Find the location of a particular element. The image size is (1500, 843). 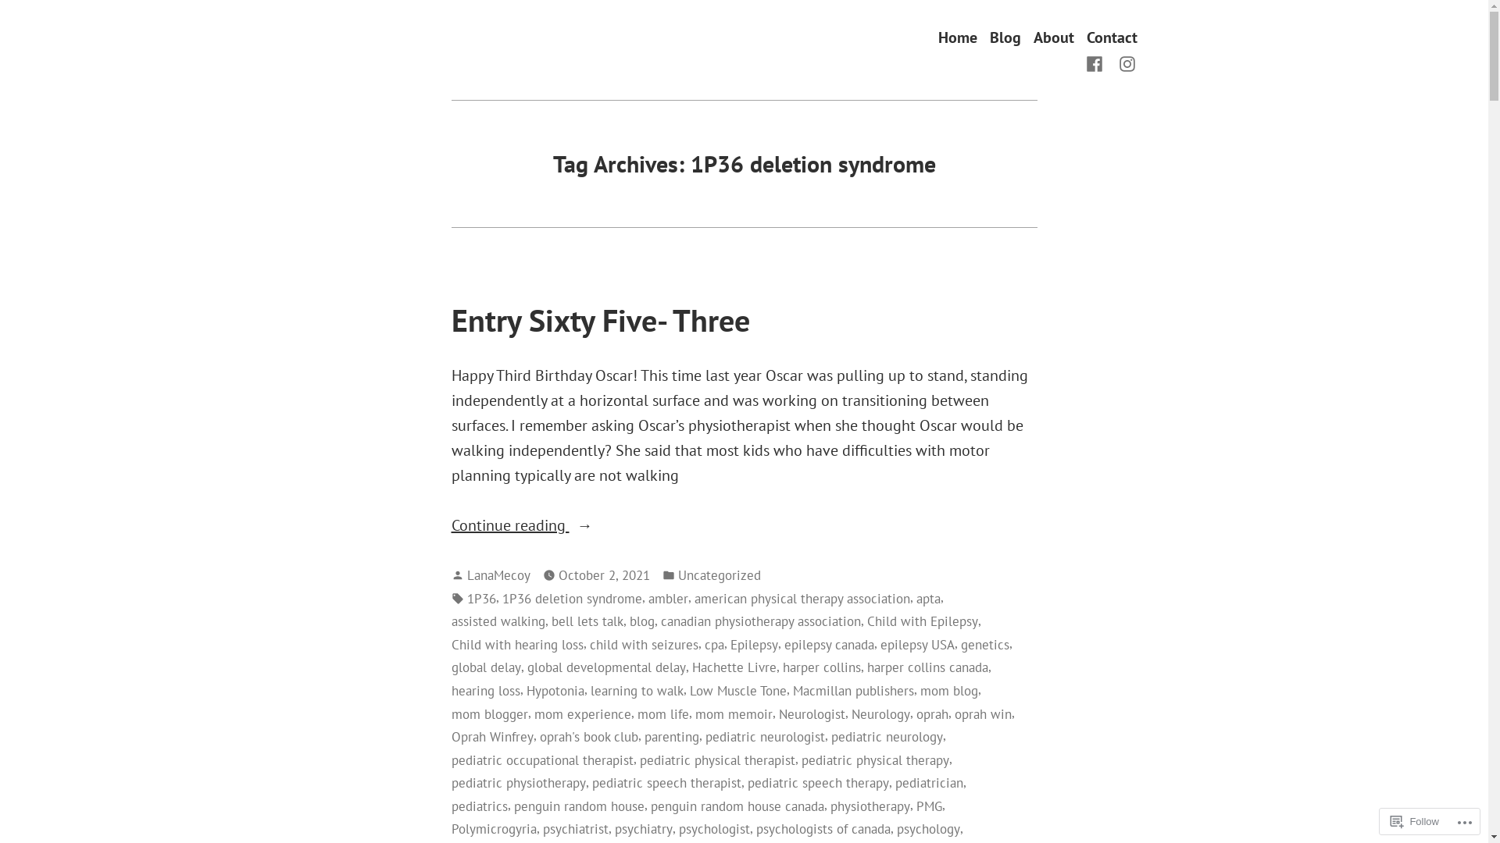

'Follow' is located at coordinates (1414, 820).